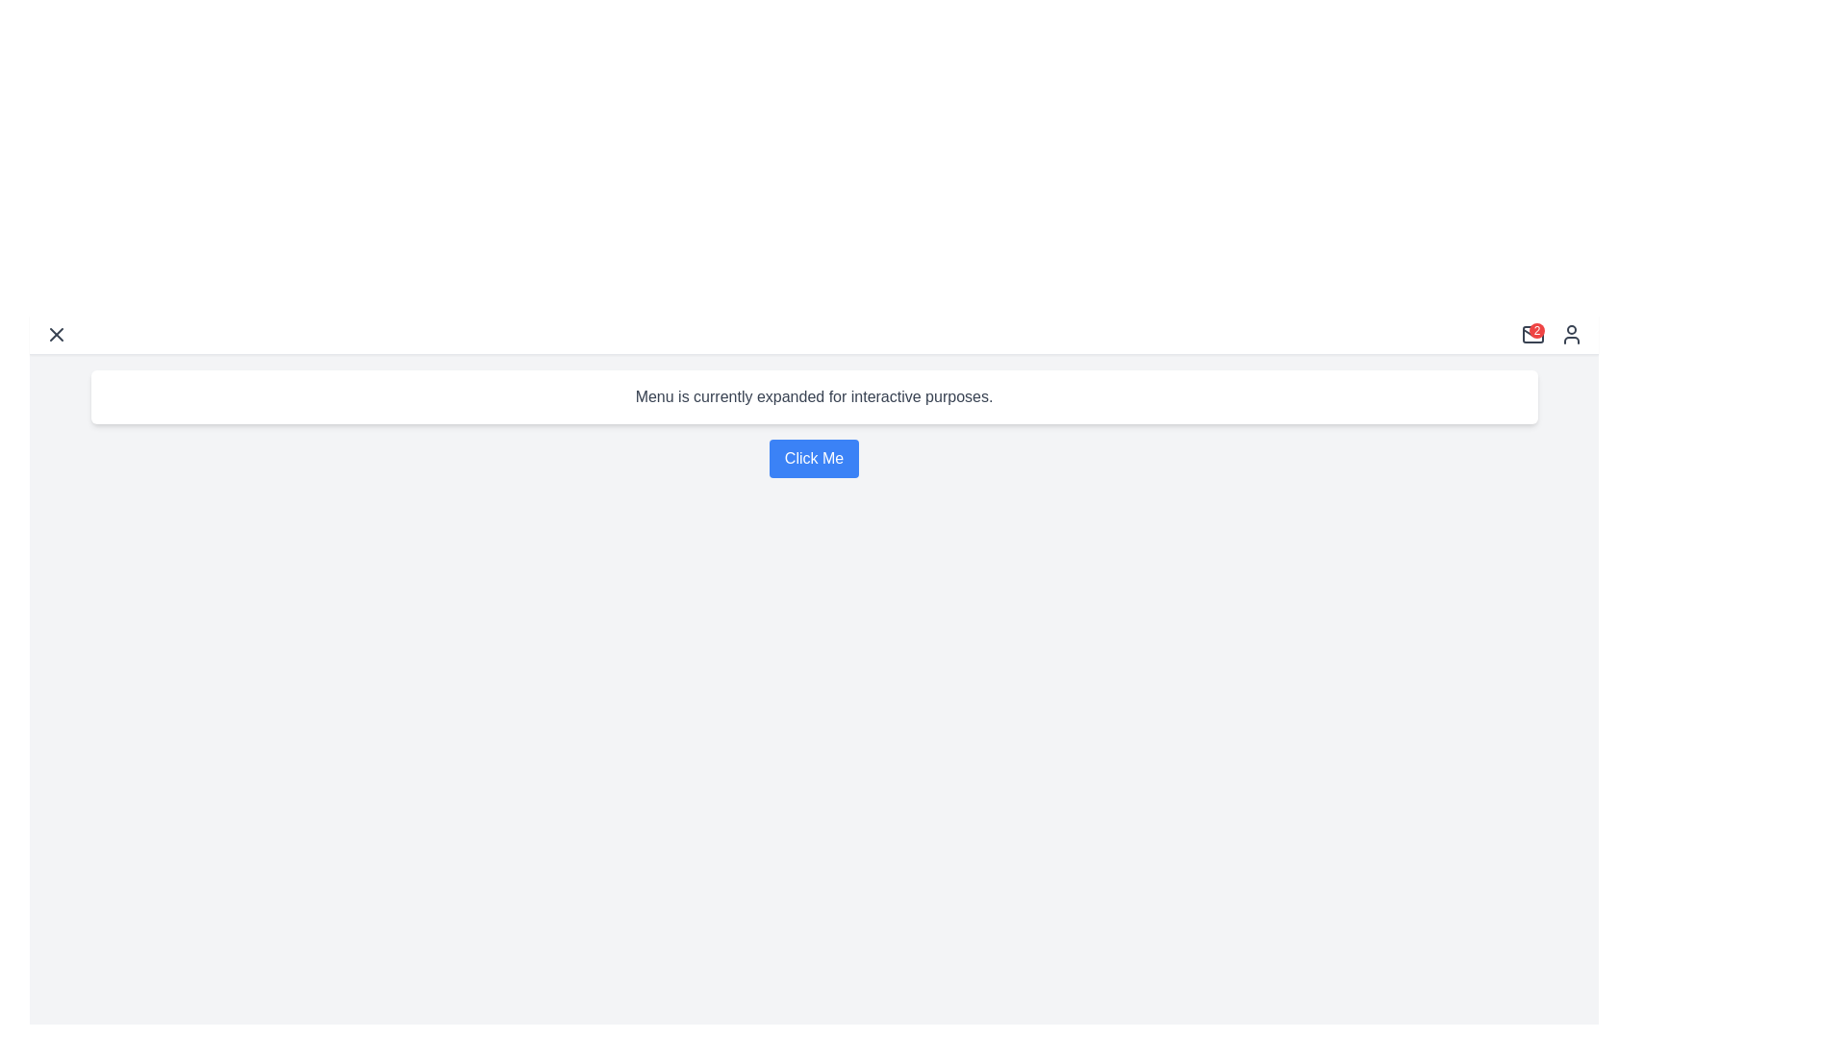 The height and width of the screenshot is (1039, 1847). What do you see at coordinates (1571, 333) in the screenshot?
I see `the user profile SVG icon located at the rightmost end of the top navigation bar` at bounding box center [1571, 333].